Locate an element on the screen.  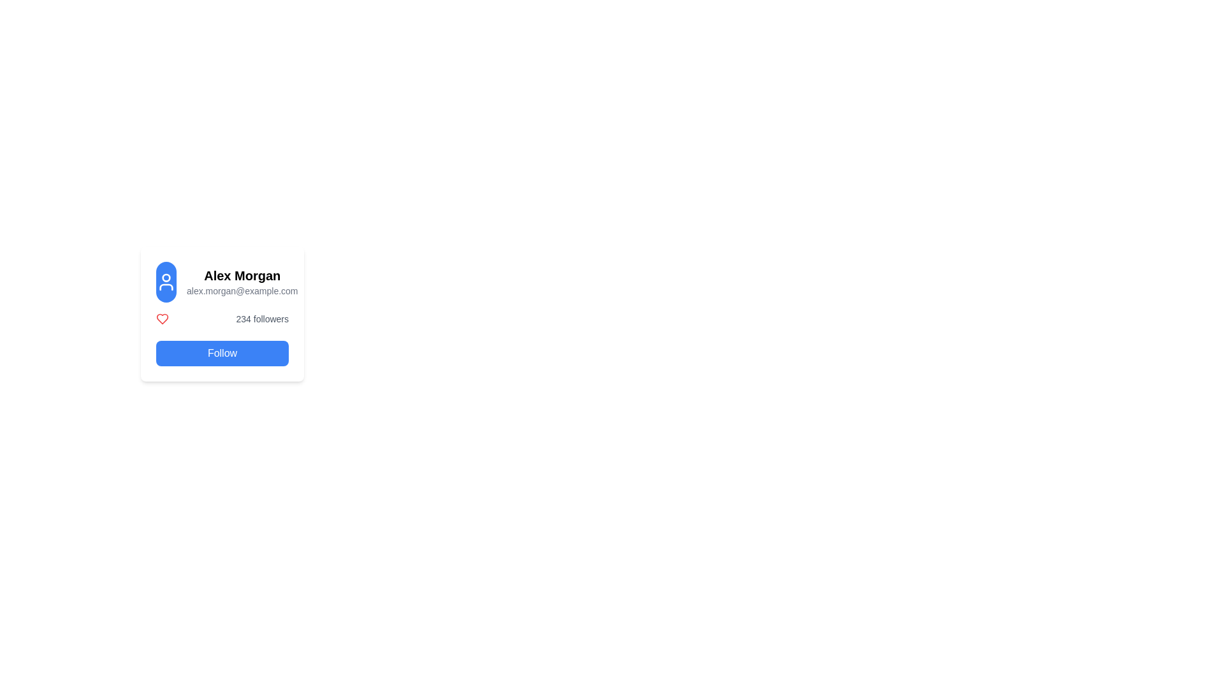
the circular blue avatar icon with a white user icon, located at the top-left corner of the profile card is located at coordinates (165, 282).